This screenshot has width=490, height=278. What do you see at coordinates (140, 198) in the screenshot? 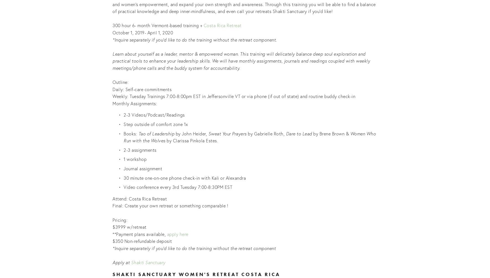
I see `'Attend: Costa Rica Retreat'` at bounding box center [140, 198].